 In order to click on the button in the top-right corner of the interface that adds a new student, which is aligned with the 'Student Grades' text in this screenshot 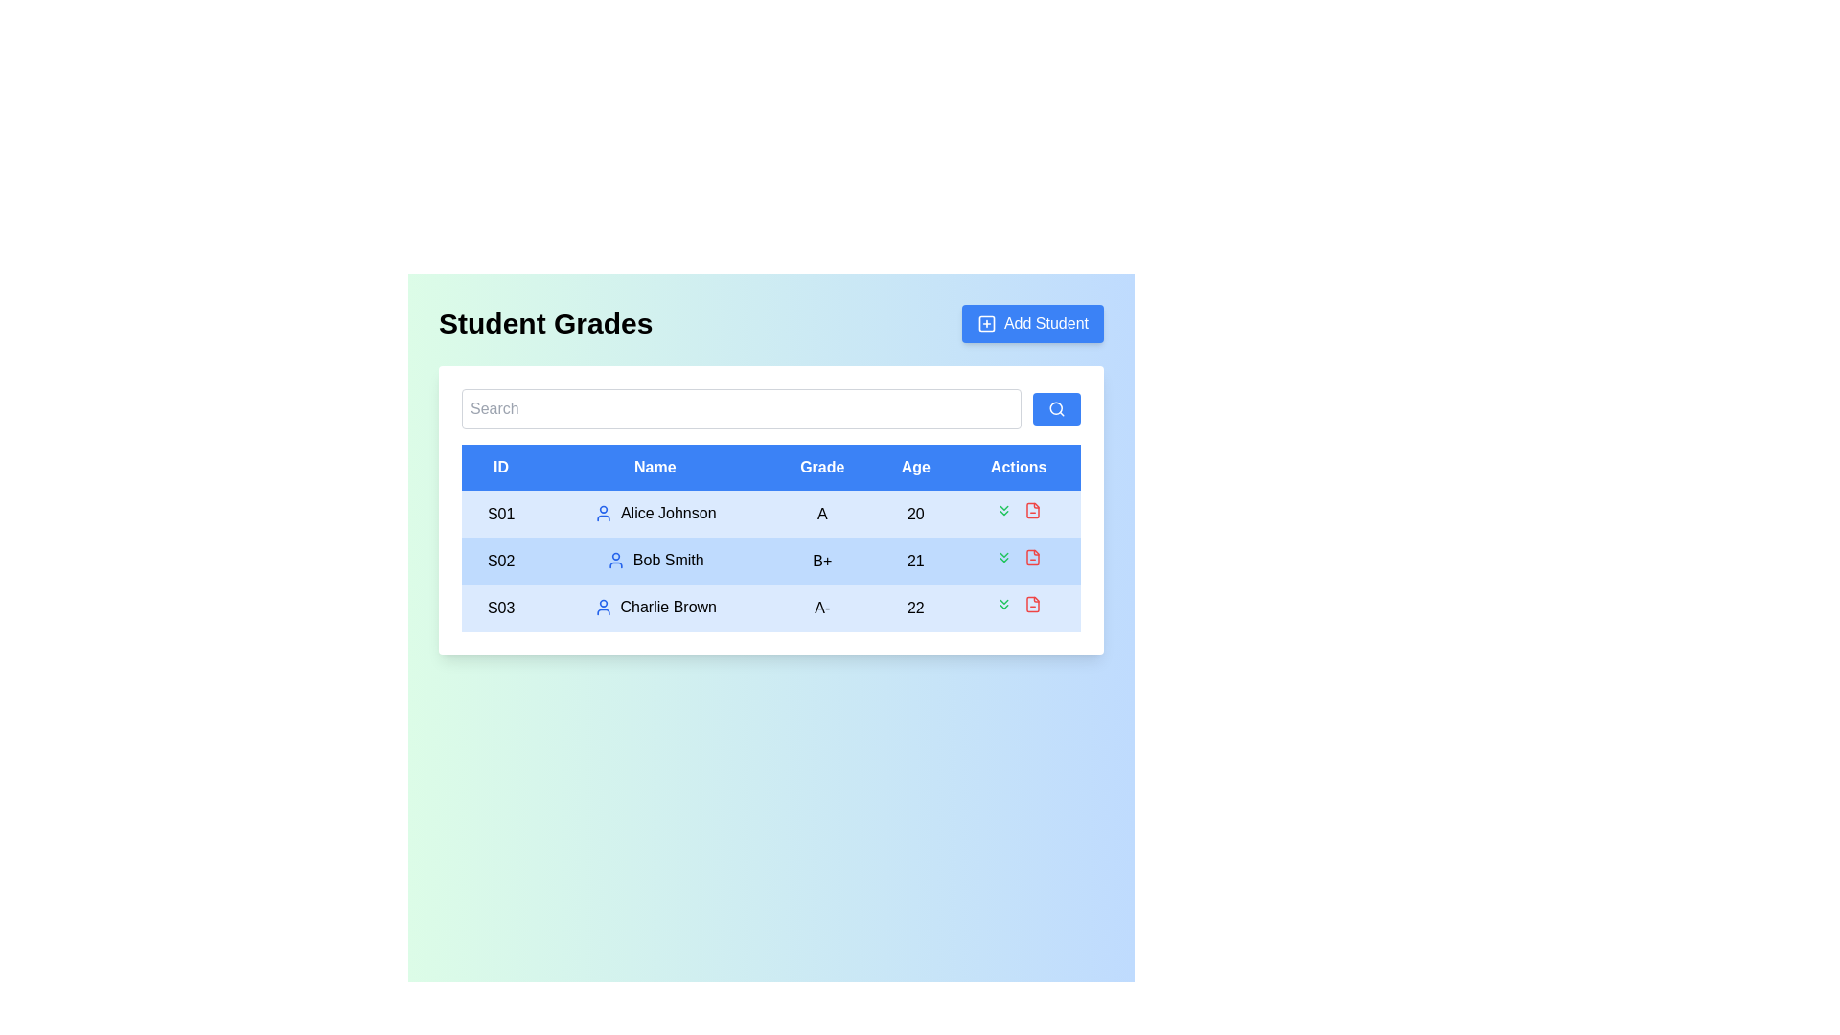, I will do `click(1031, 323)`.